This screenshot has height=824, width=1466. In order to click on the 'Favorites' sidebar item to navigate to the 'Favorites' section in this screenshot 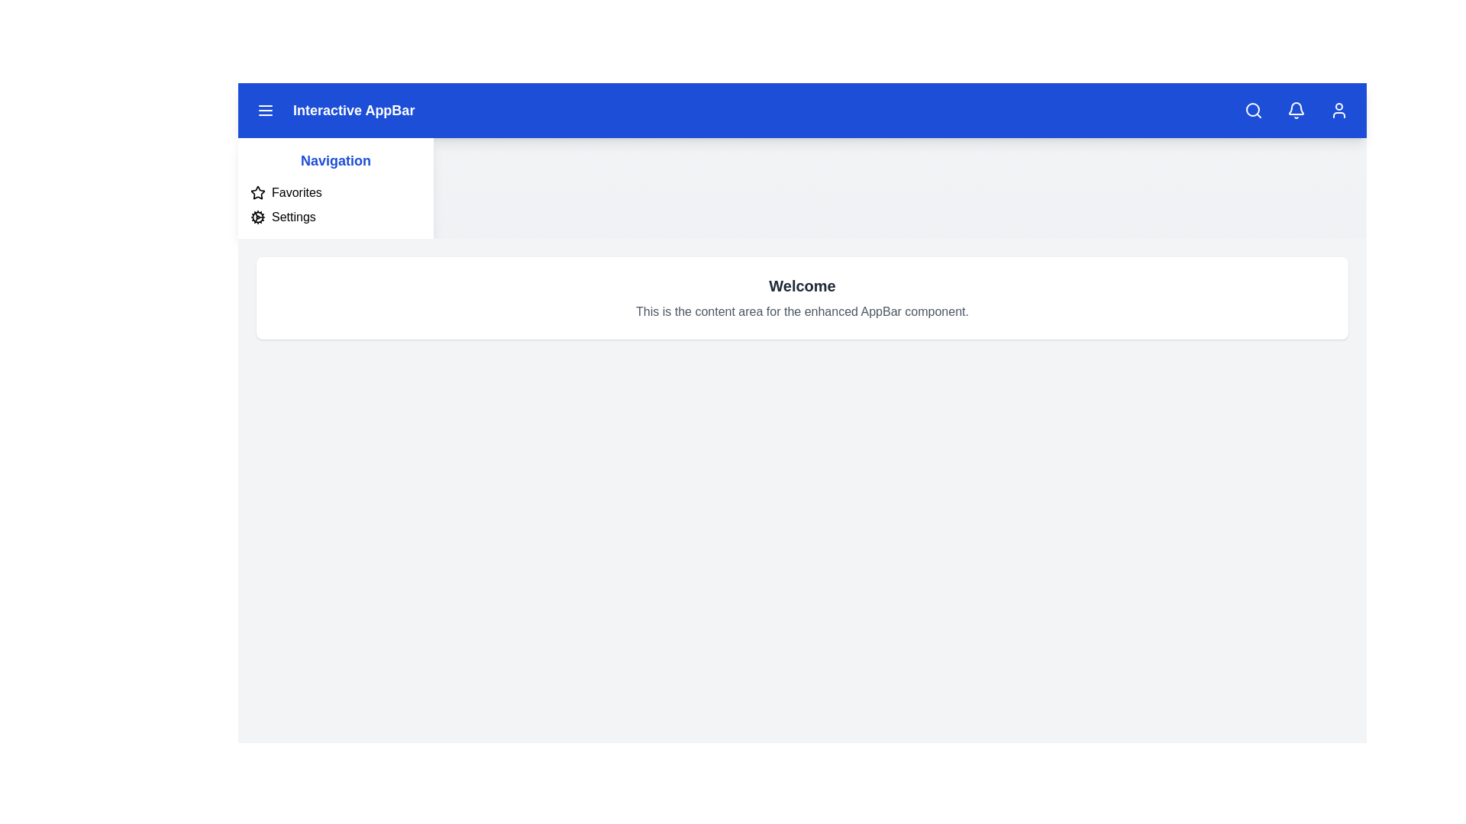, I will do `click(296, 192)`.